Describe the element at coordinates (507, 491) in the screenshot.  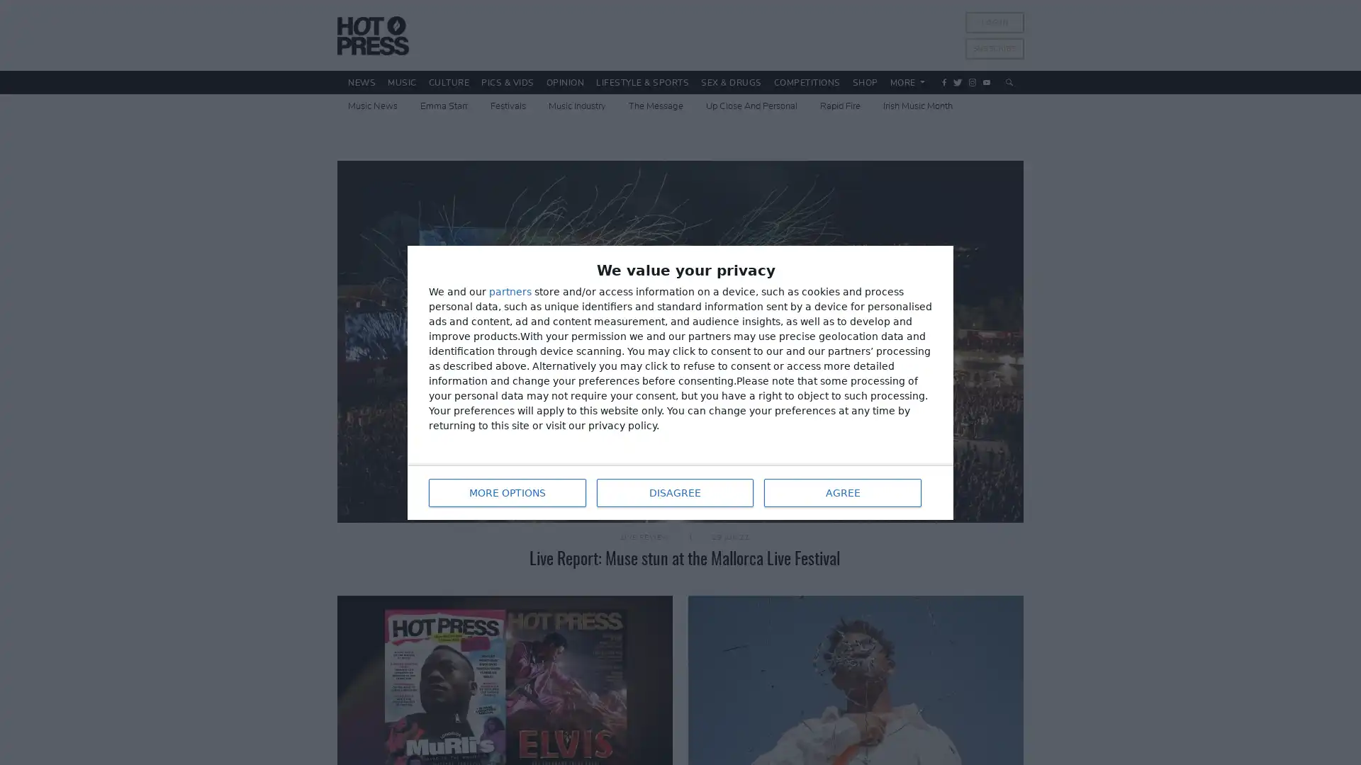
I see `MORE OPTIONS` at that location.